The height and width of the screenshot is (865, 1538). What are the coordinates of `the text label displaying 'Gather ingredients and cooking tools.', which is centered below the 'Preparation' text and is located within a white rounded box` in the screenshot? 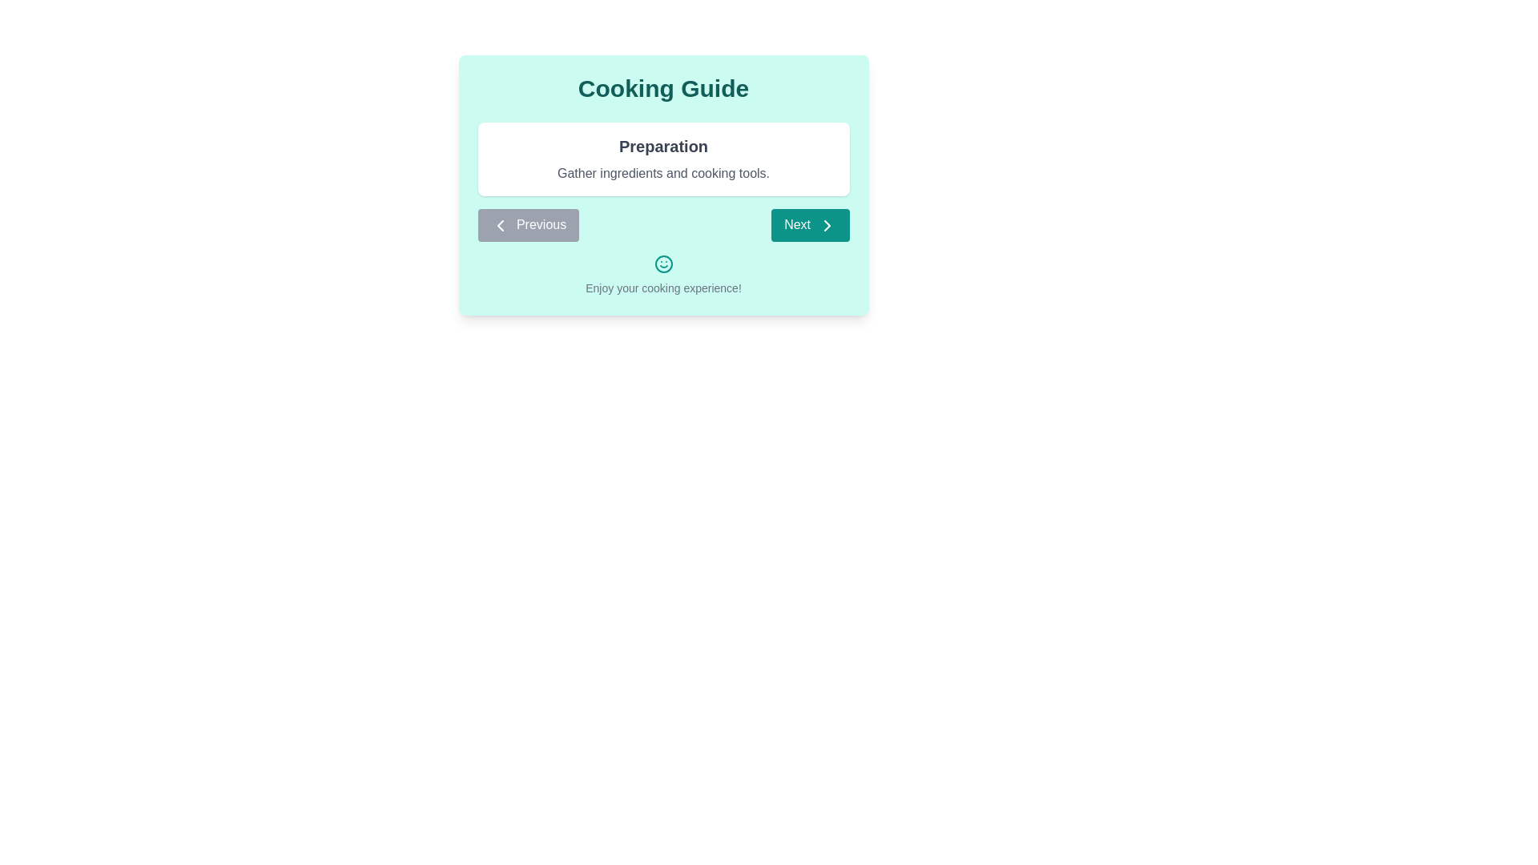 It's located at (663, 173).